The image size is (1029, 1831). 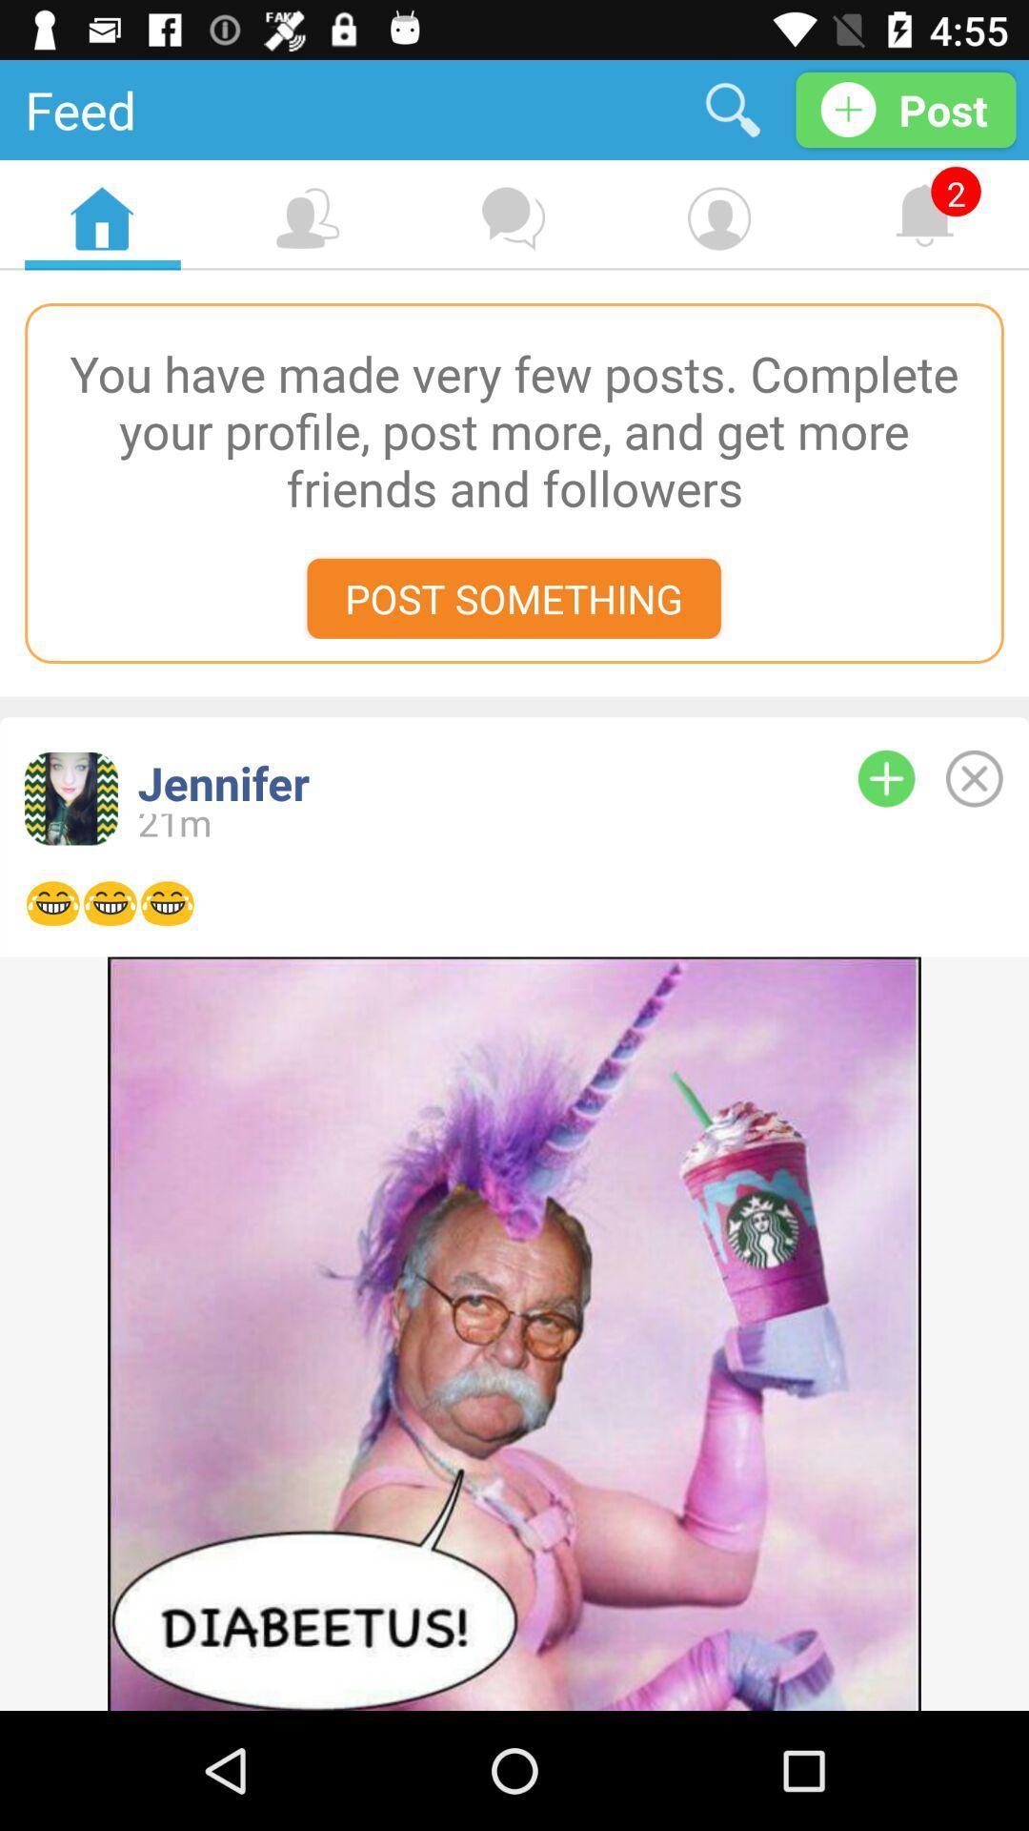 What do you see at coordinates (886, 778) in the screenshot?
I see `expand info` at bounding box center [886, 778].